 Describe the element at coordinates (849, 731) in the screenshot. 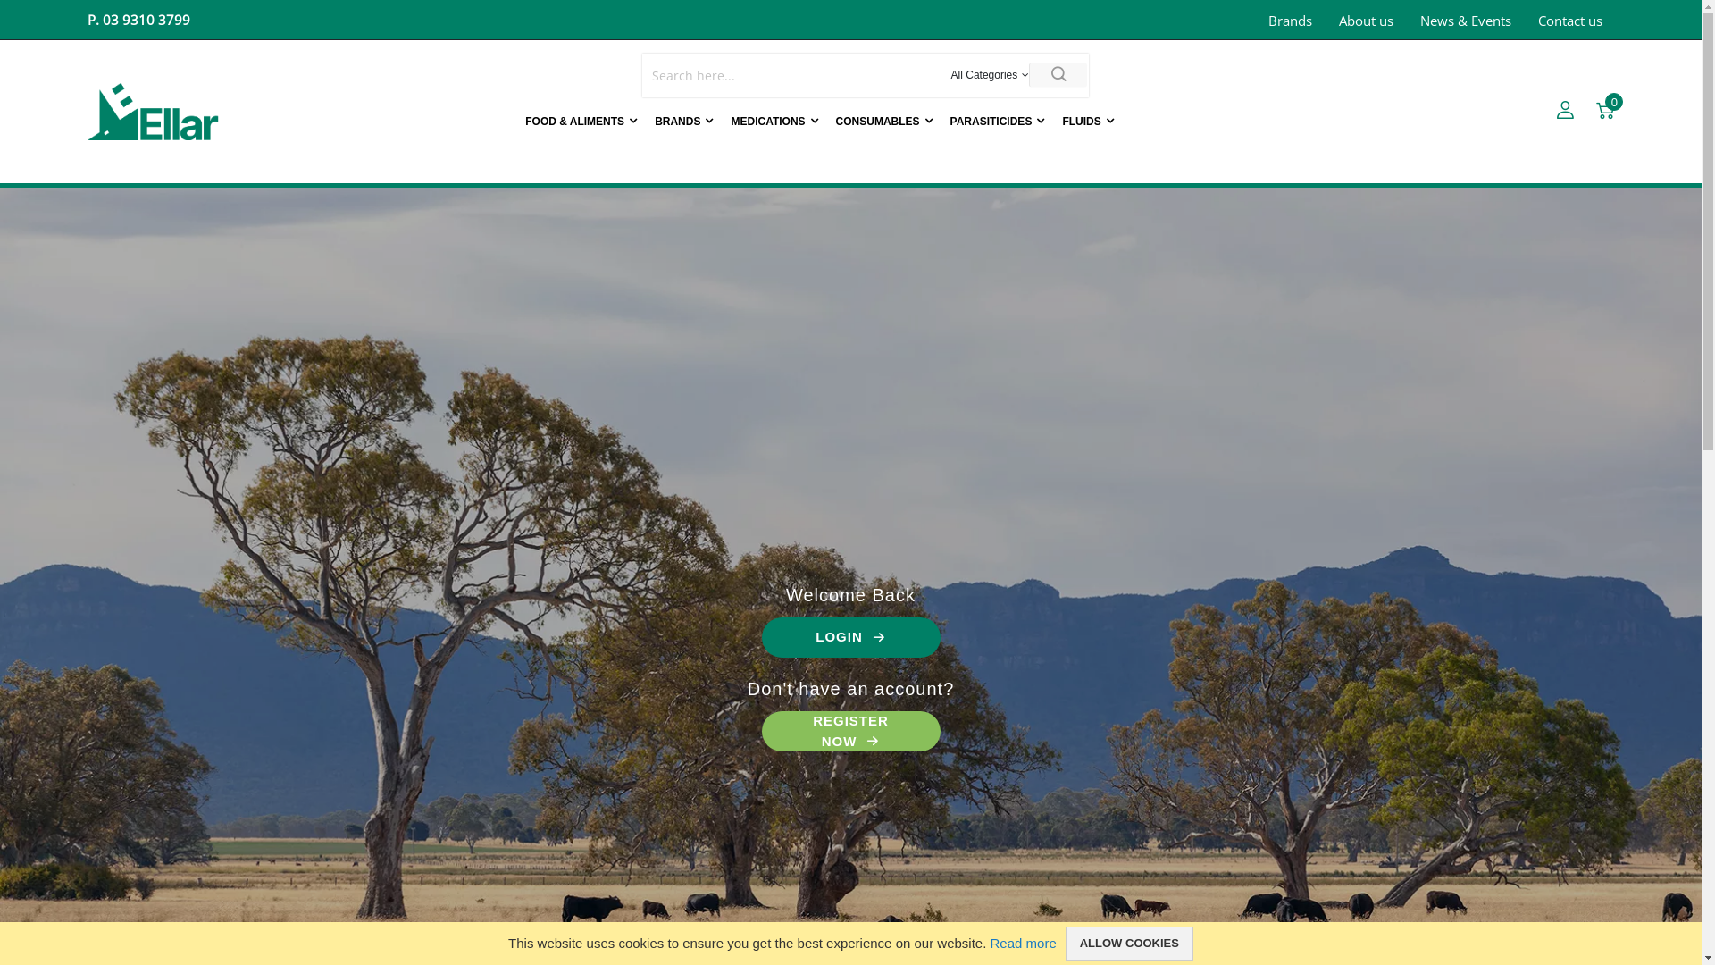

I see `'REGISTER NOW'` at that location.